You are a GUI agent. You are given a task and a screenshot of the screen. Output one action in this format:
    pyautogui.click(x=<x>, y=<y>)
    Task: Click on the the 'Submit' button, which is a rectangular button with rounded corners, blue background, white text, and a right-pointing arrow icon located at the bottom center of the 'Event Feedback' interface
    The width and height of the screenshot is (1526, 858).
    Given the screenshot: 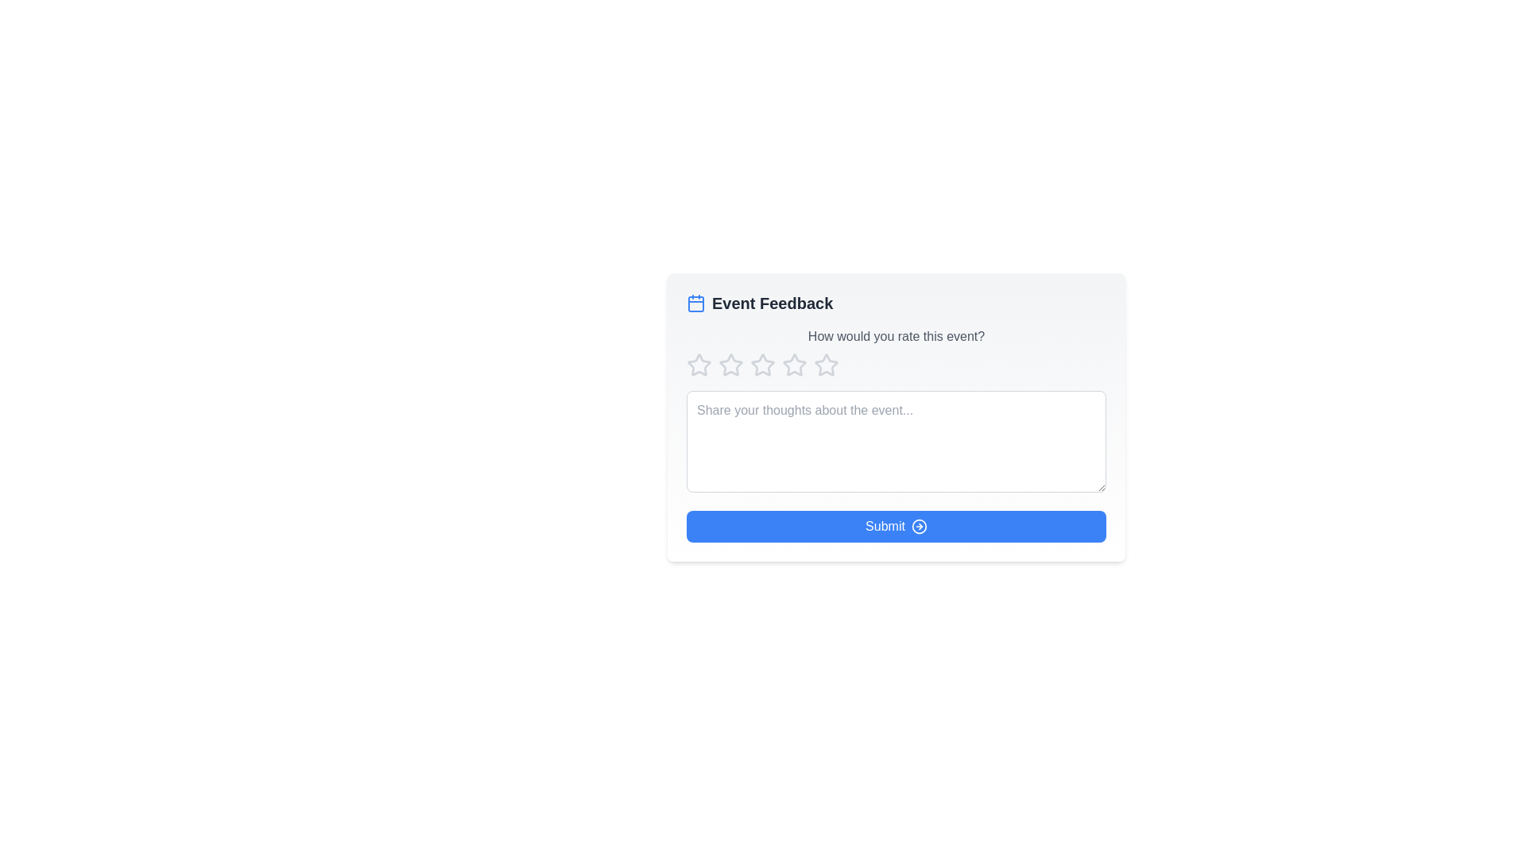 What is the action you would take?
    pyautogui.click(x=897, y=527)
    